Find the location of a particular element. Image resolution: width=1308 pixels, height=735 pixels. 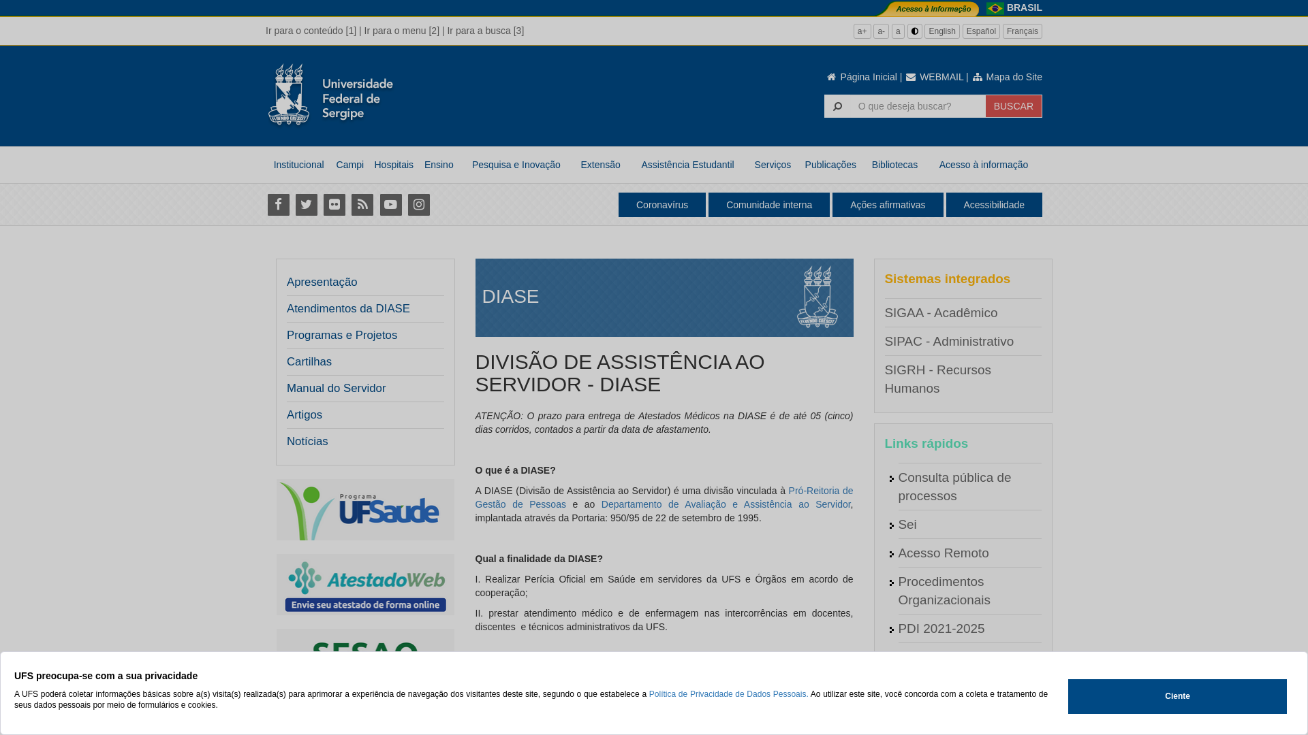

'PDI 2021-2025' is located at coordinates (940, 628).